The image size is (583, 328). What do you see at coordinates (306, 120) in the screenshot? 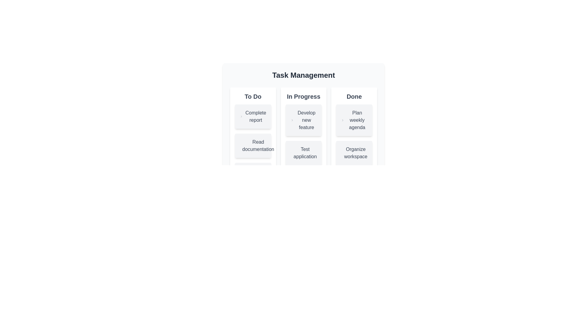
I see `the text label 'Develop new feature' in the 'In Progress' column of the 'Task Management' interface` at bounding box center [306, 120].